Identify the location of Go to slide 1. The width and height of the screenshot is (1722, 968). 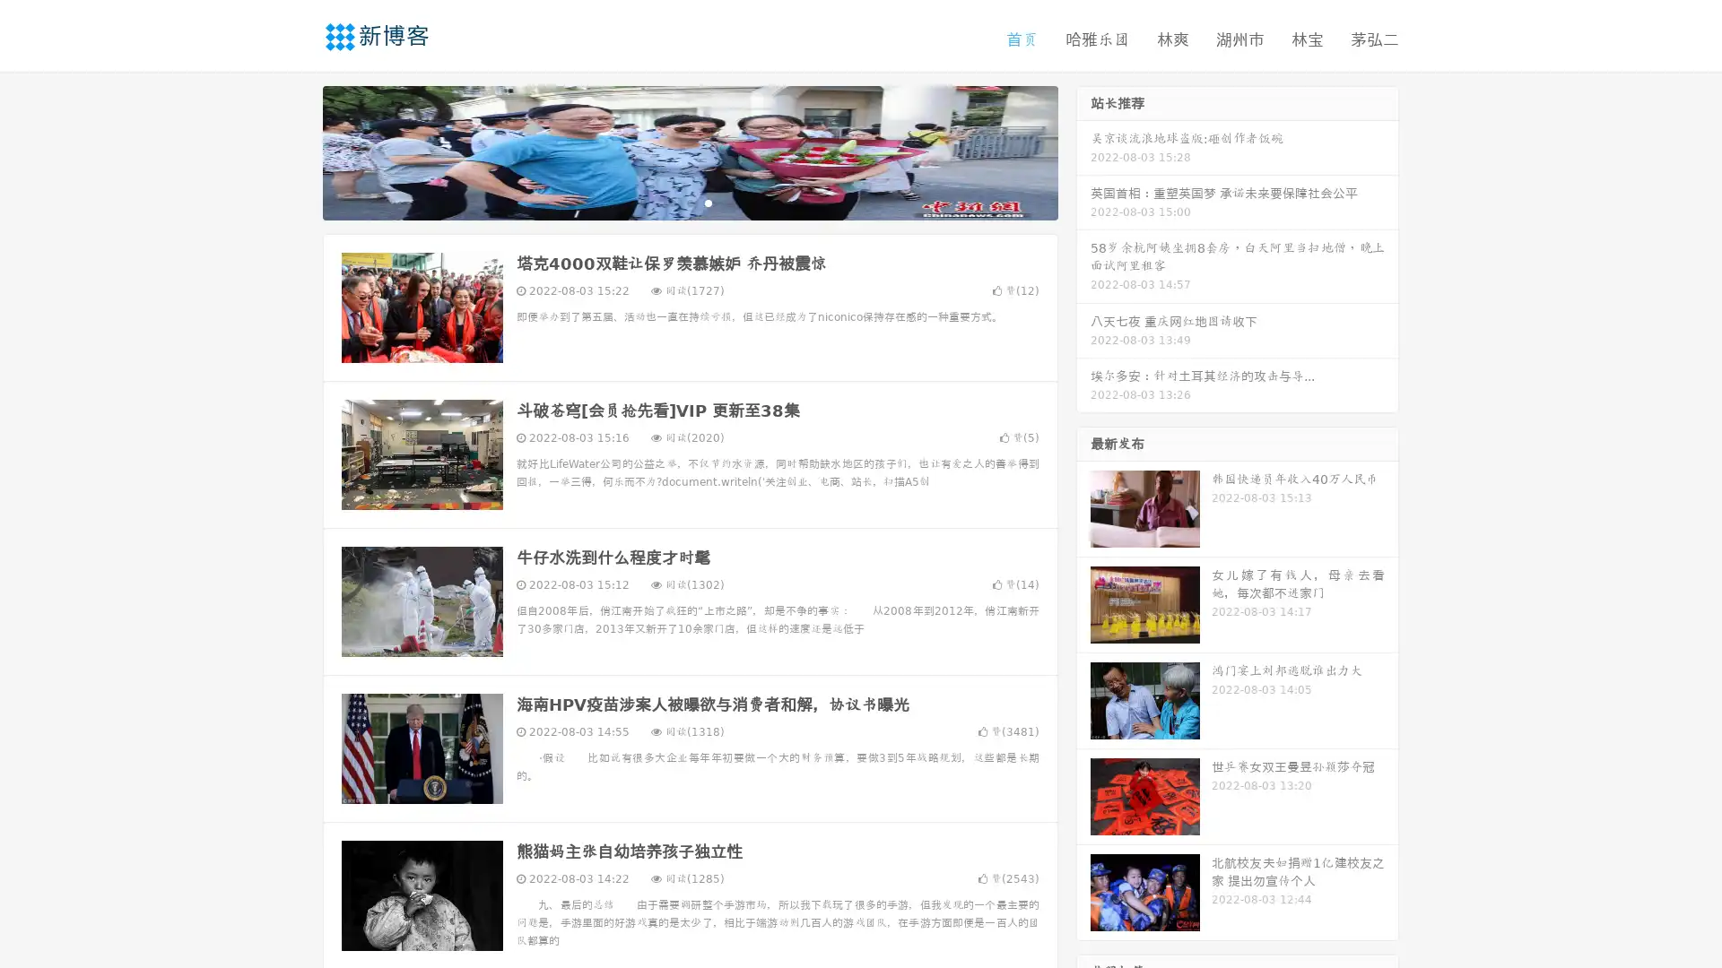
(671, 202).